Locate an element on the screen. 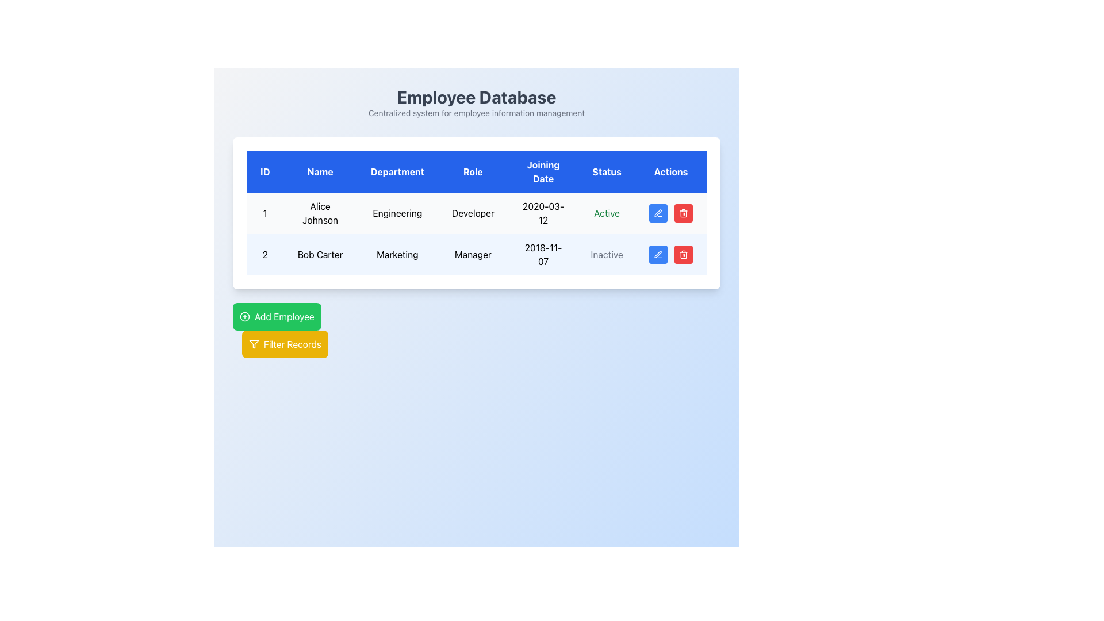 The width and height of the screenshot is (1104, 621). the Table Header Cell for the 'Name' column, which is the second item in the header row of the table, following 'ID' and preceding 'Department' is located at coordinates (320, 172).